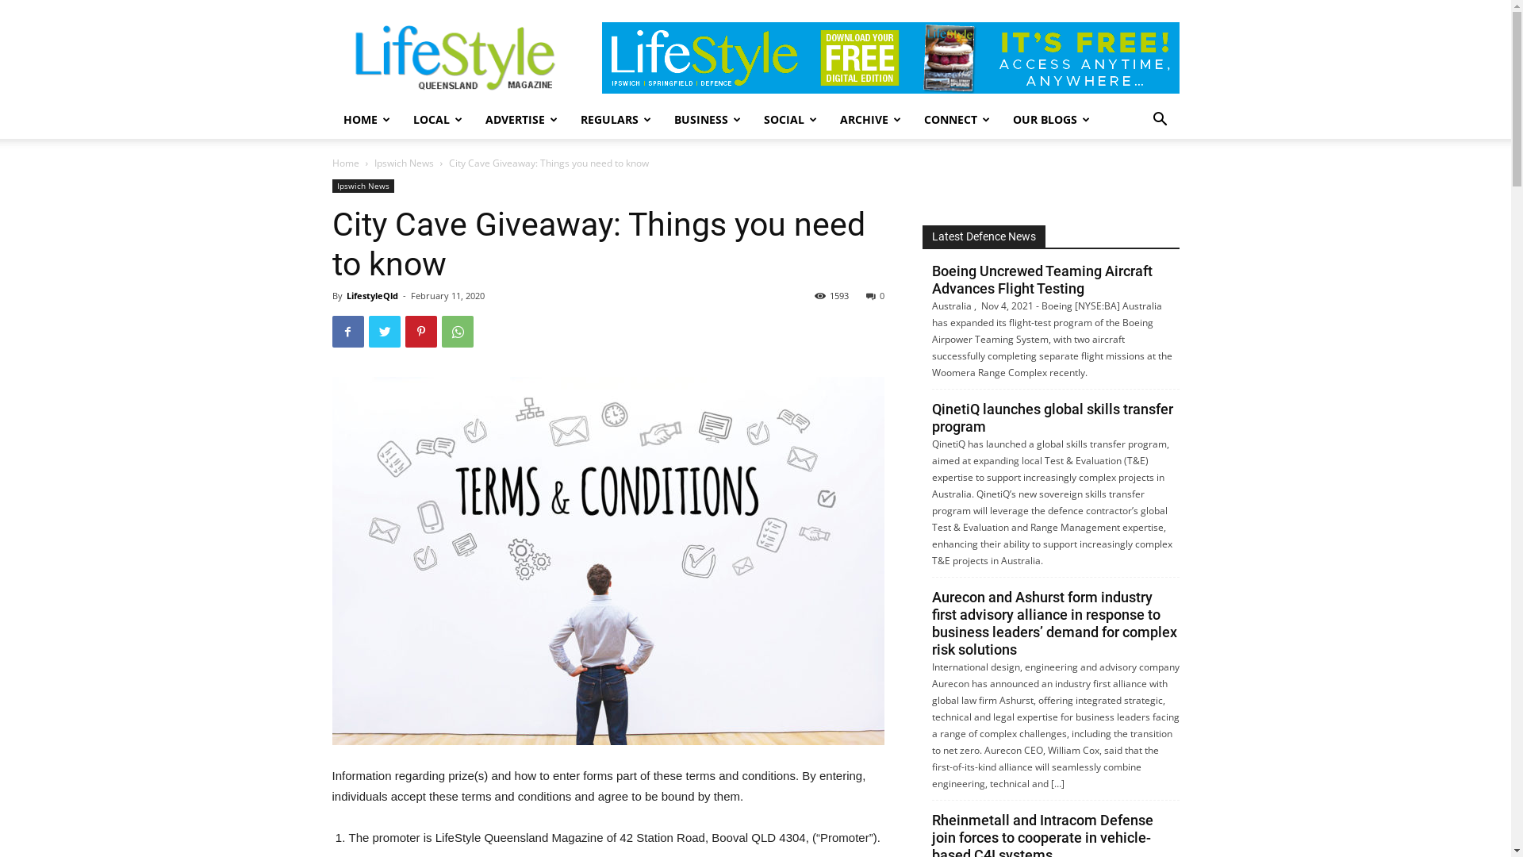  What do you see at coordinates (707, 118) in the screenshot?
I see `'BUSINESS'` at bounding box center [707, 118].